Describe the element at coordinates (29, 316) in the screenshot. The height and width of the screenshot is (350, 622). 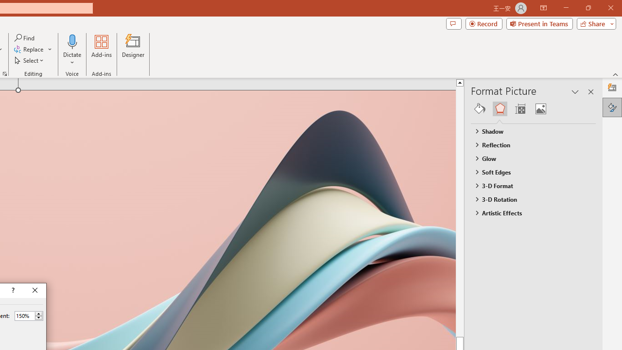
I see `'Percent'` at that location.